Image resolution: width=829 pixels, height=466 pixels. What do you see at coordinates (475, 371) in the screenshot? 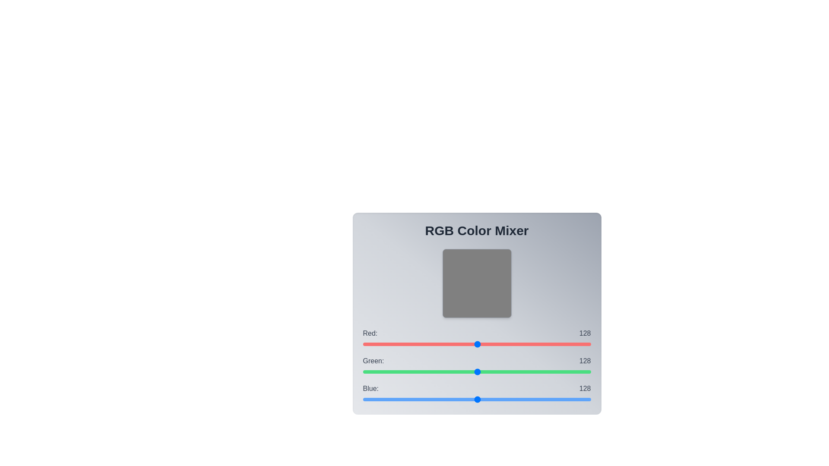
I see `the green slider to set its value to 126` at bounding box center [475, 371].